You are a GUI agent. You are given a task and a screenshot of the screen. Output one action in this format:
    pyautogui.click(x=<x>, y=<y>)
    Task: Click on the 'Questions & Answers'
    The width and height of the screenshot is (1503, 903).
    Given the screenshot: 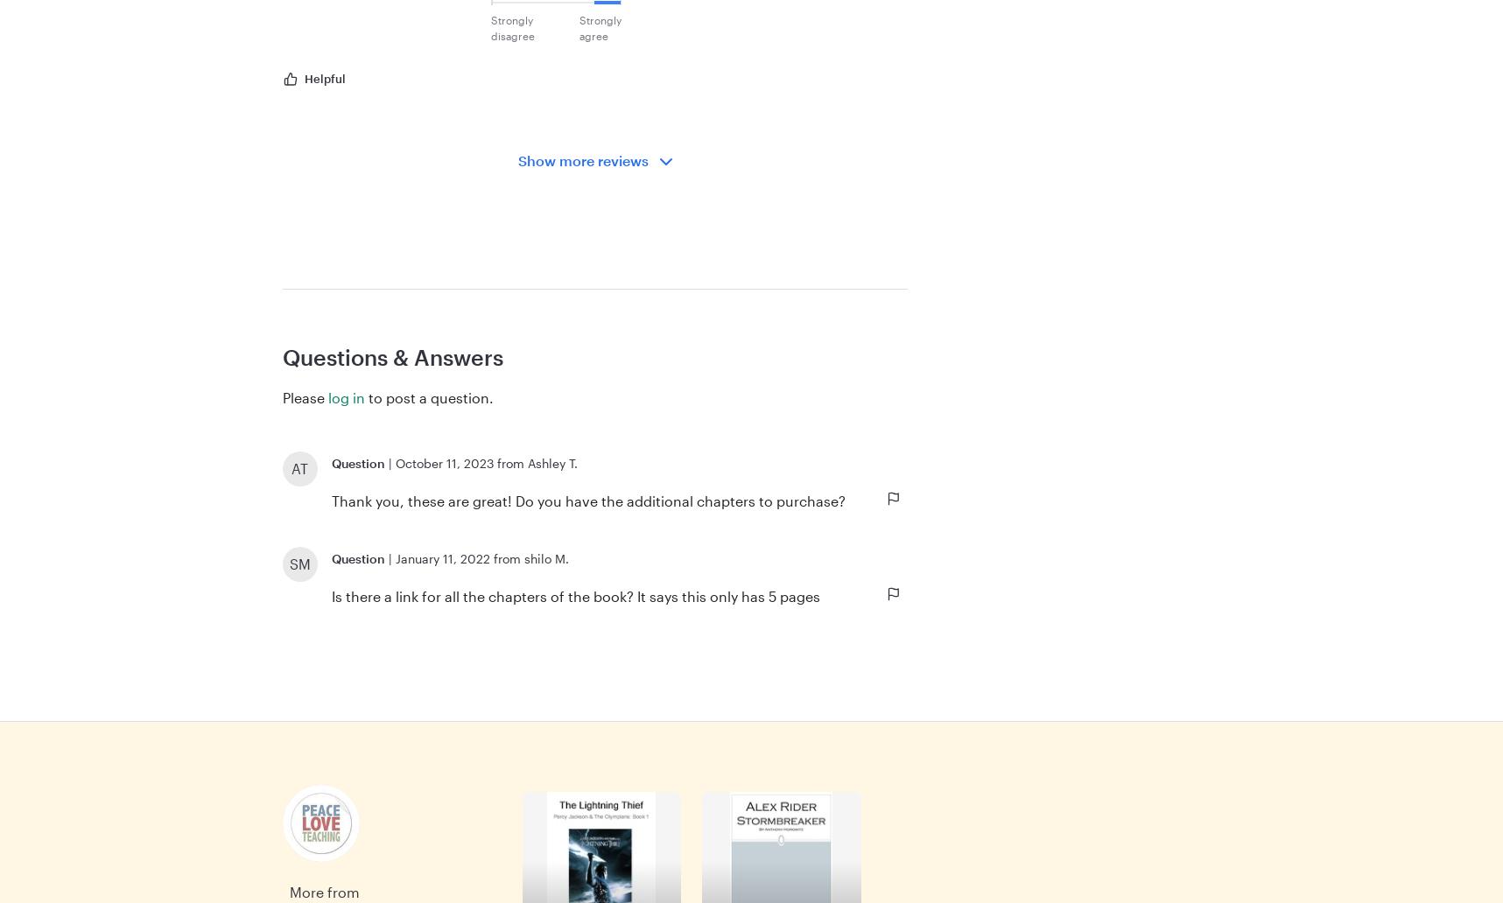 What is the action you would take?
    pyautogui.click(x=281, y=355)
    